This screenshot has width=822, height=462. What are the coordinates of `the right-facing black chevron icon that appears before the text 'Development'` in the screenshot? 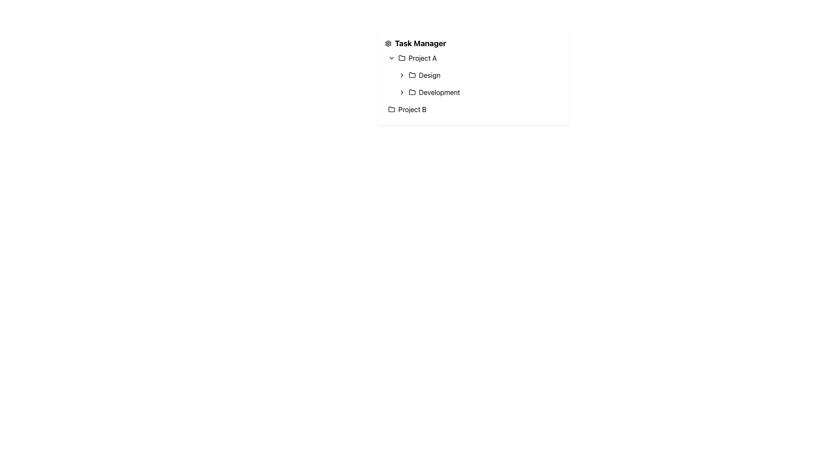 It's located at (401, 92).